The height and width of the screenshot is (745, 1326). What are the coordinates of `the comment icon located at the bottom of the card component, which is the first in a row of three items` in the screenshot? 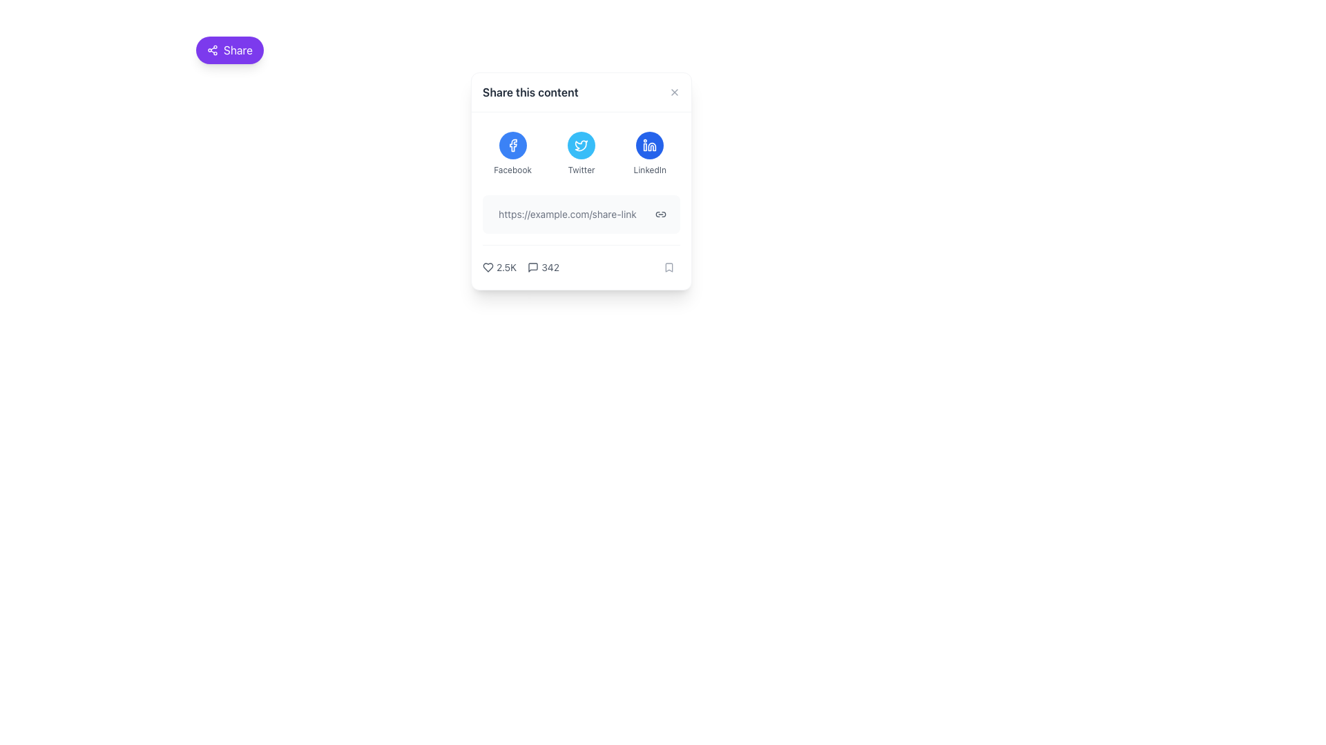 It's located at (532, 268).